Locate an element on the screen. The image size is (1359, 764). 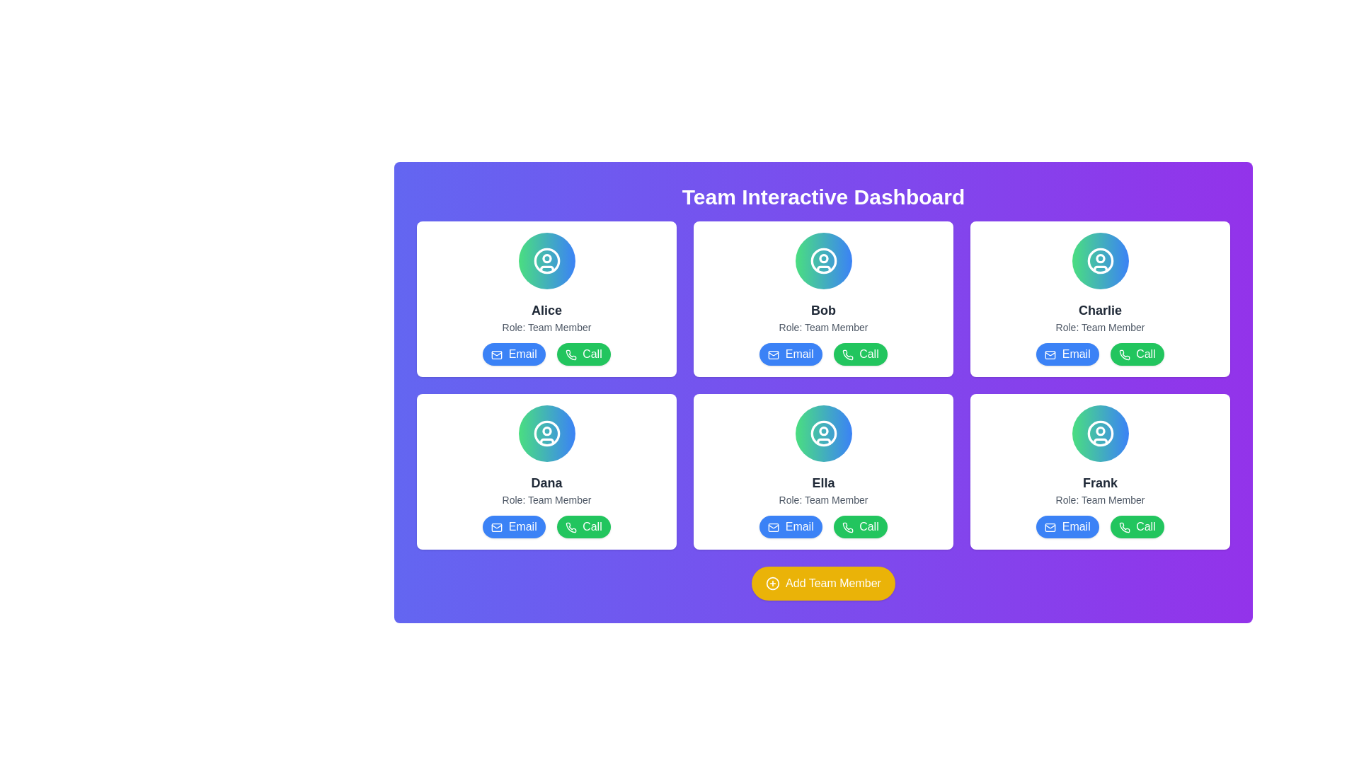
the green phone receiver icon in the 'Bob' section of user cards is located at coordinates (847, 354).